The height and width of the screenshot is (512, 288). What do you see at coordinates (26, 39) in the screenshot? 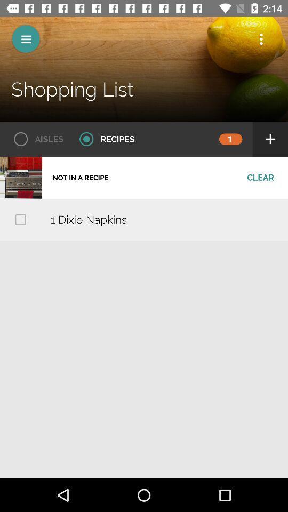
I see `open menu` at bounding box center [26, 39].